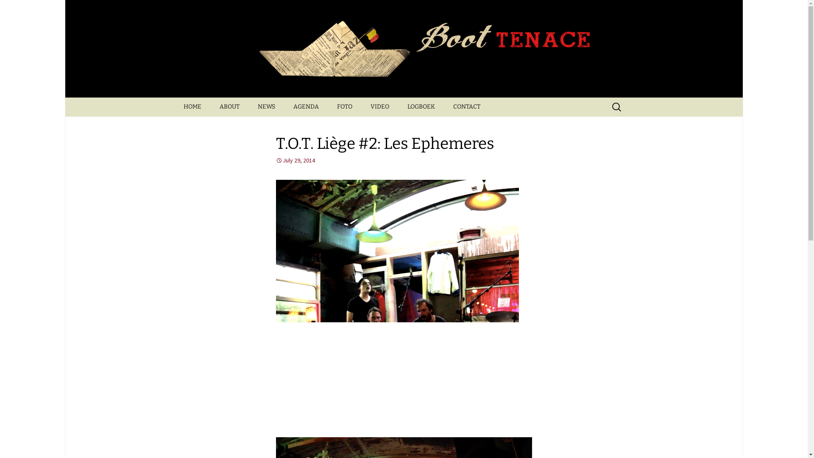 The width and height of the screenshot is (814, 458). Describe the element at coordinates (285, 106) in the screenshot. I see `'AGENDA'` at that location.